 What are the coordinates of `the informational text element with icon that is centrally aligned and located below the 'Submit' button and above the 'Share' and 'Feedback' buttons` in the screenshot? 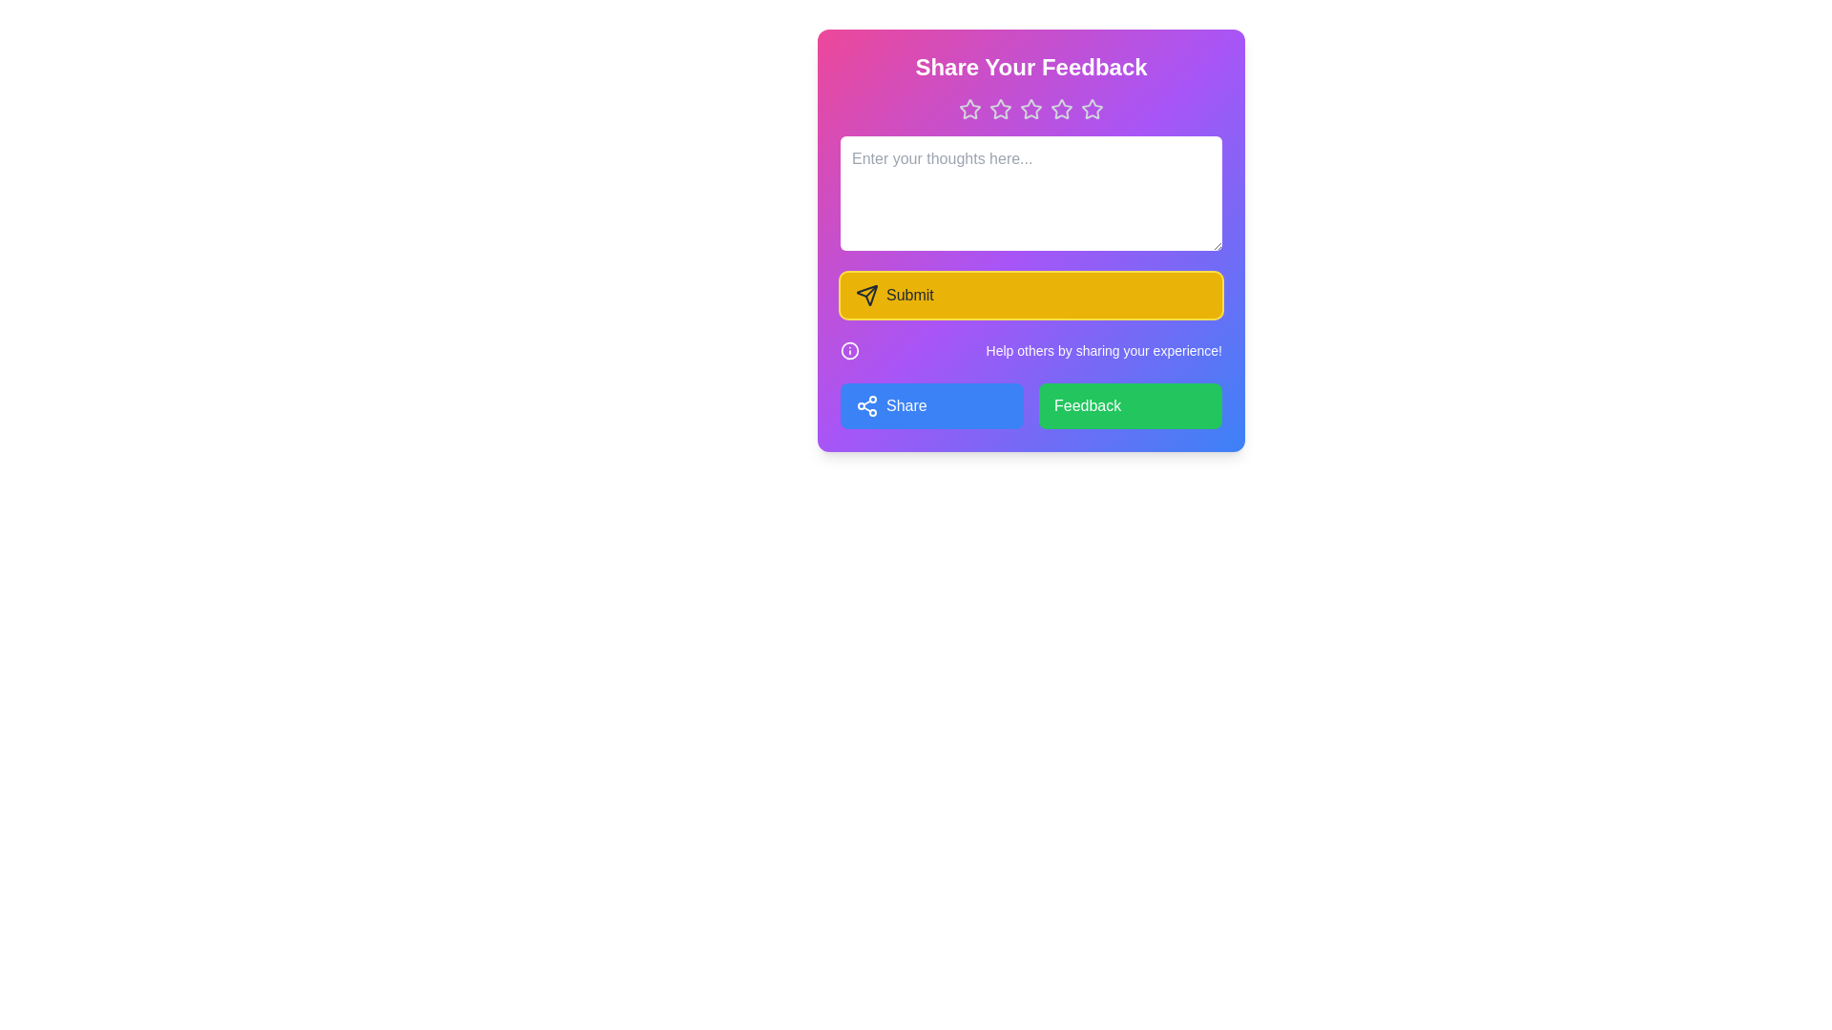 It's located at (1030, 350).